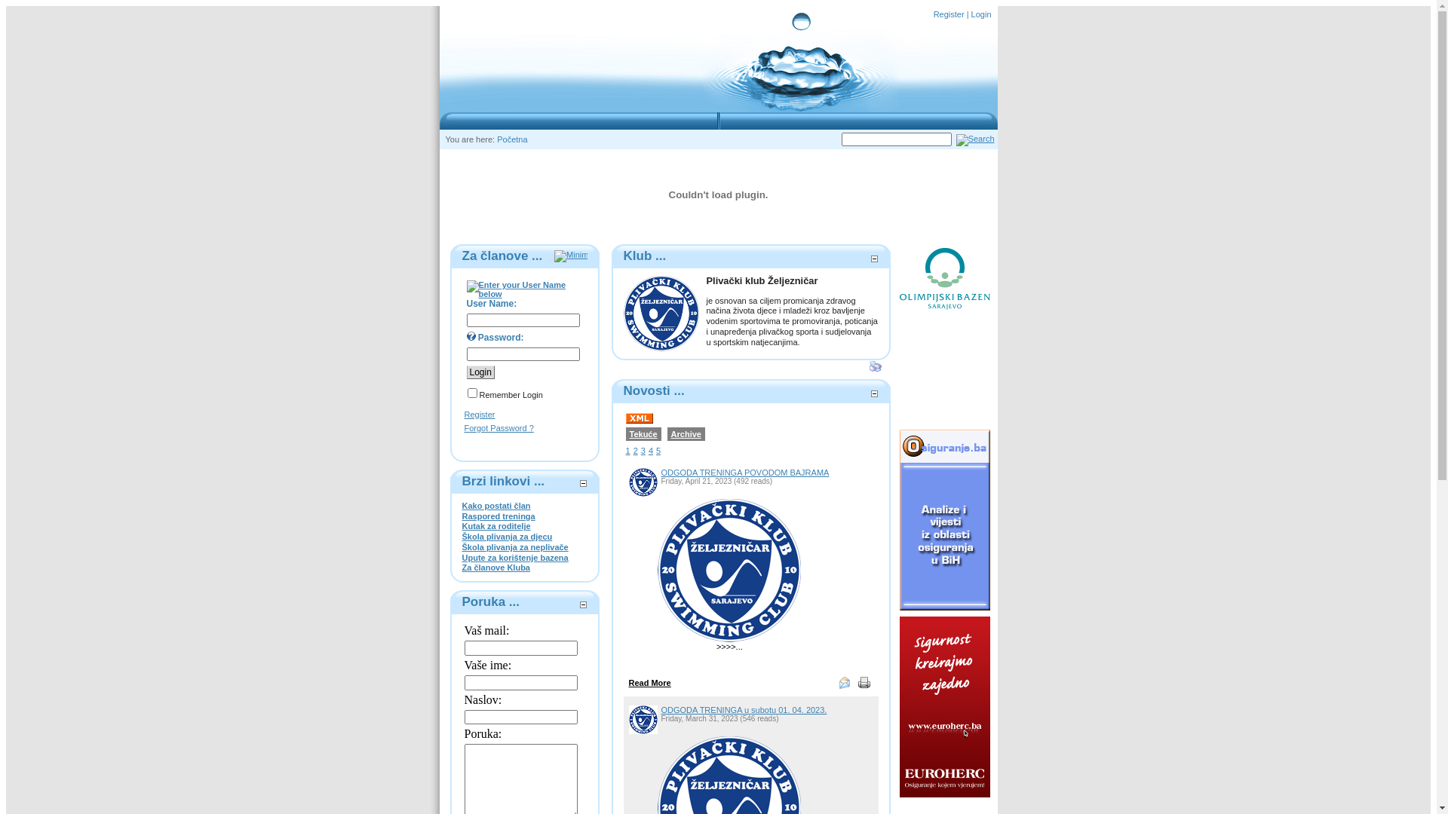  Describe the element at coordinates (873, 258) in the screenshot. I see `'Minimize'` at that location.